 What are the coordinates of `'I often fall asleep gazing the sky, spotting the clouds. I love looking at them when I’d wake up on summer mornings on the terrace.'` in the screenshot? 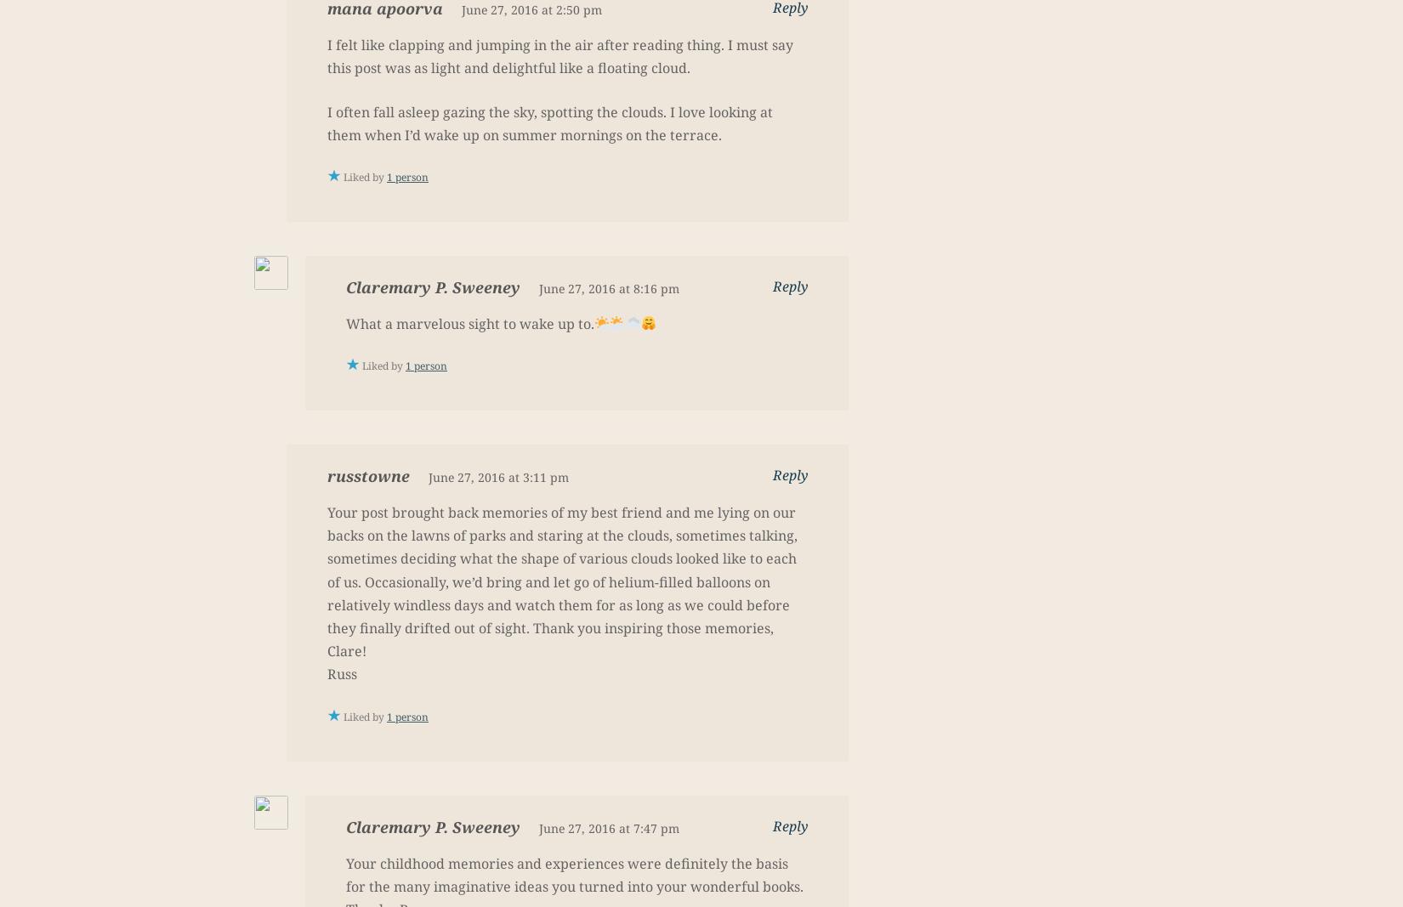 It's located at (548, 122).